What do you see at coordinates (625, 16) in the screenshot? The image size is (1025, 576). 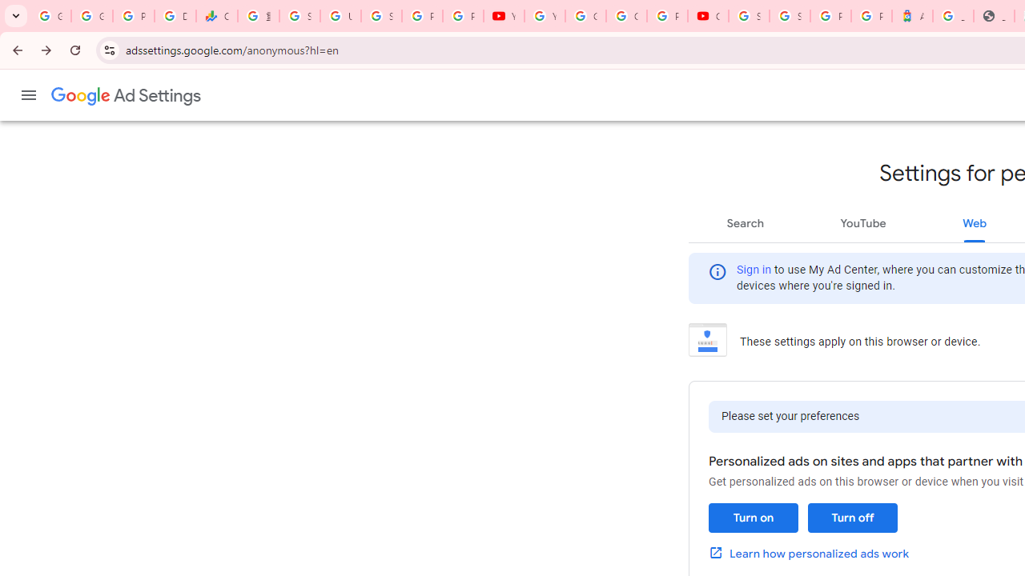 I see `'Create your Google Account'` at bounding box center [625, 16].